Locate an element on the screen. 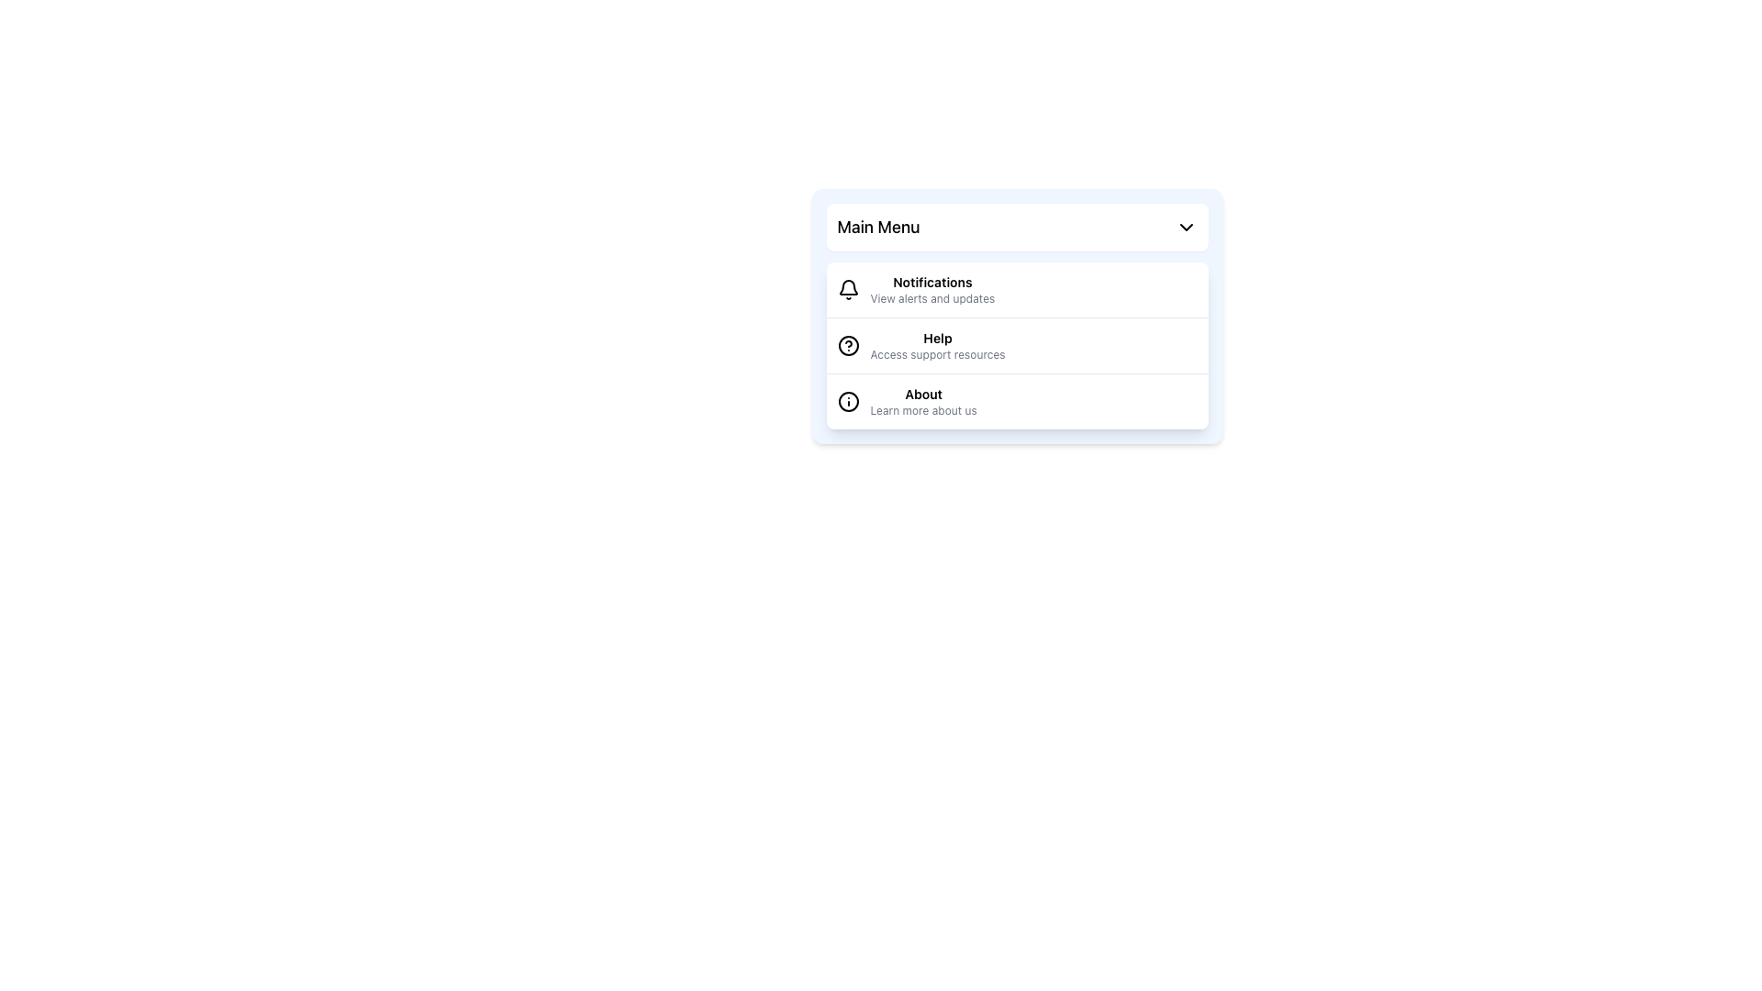 The width and height of the screenshot is (1762, 991). the 'Main Menu' dropdown trigger at the top of the card-styled widget is located at coordinates (1016, 226).